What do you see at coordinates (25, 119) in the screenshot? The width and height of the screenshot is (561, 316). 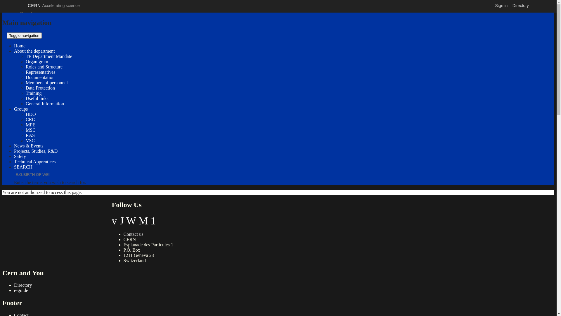 I see `'CRG'` at bounding box center [25, 119].